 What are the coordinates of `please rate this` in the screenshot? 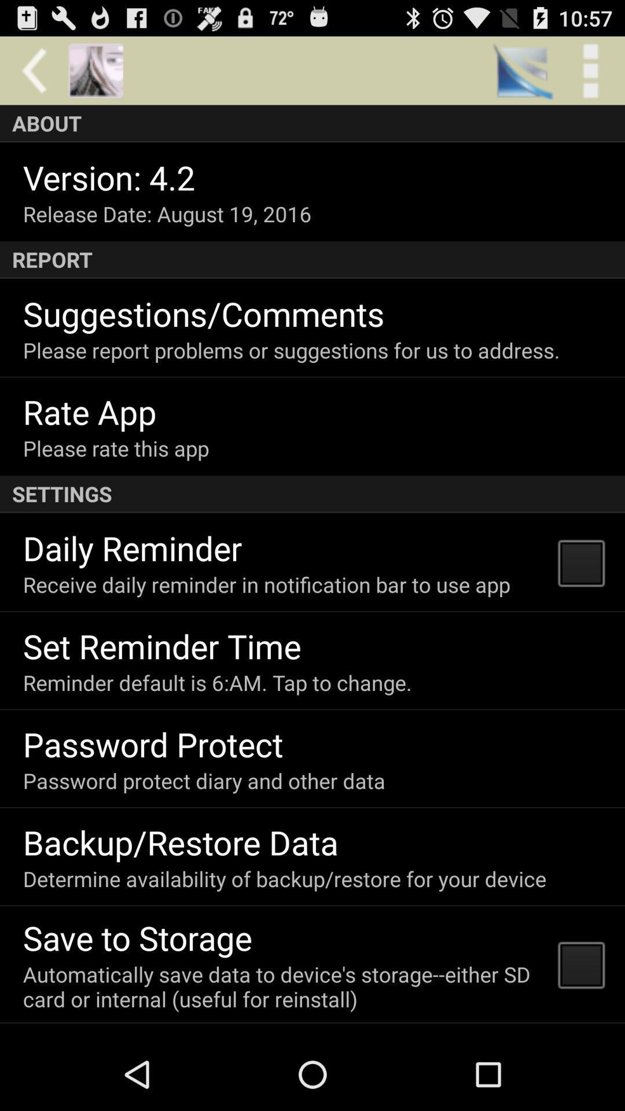 It's located at (116, 447).